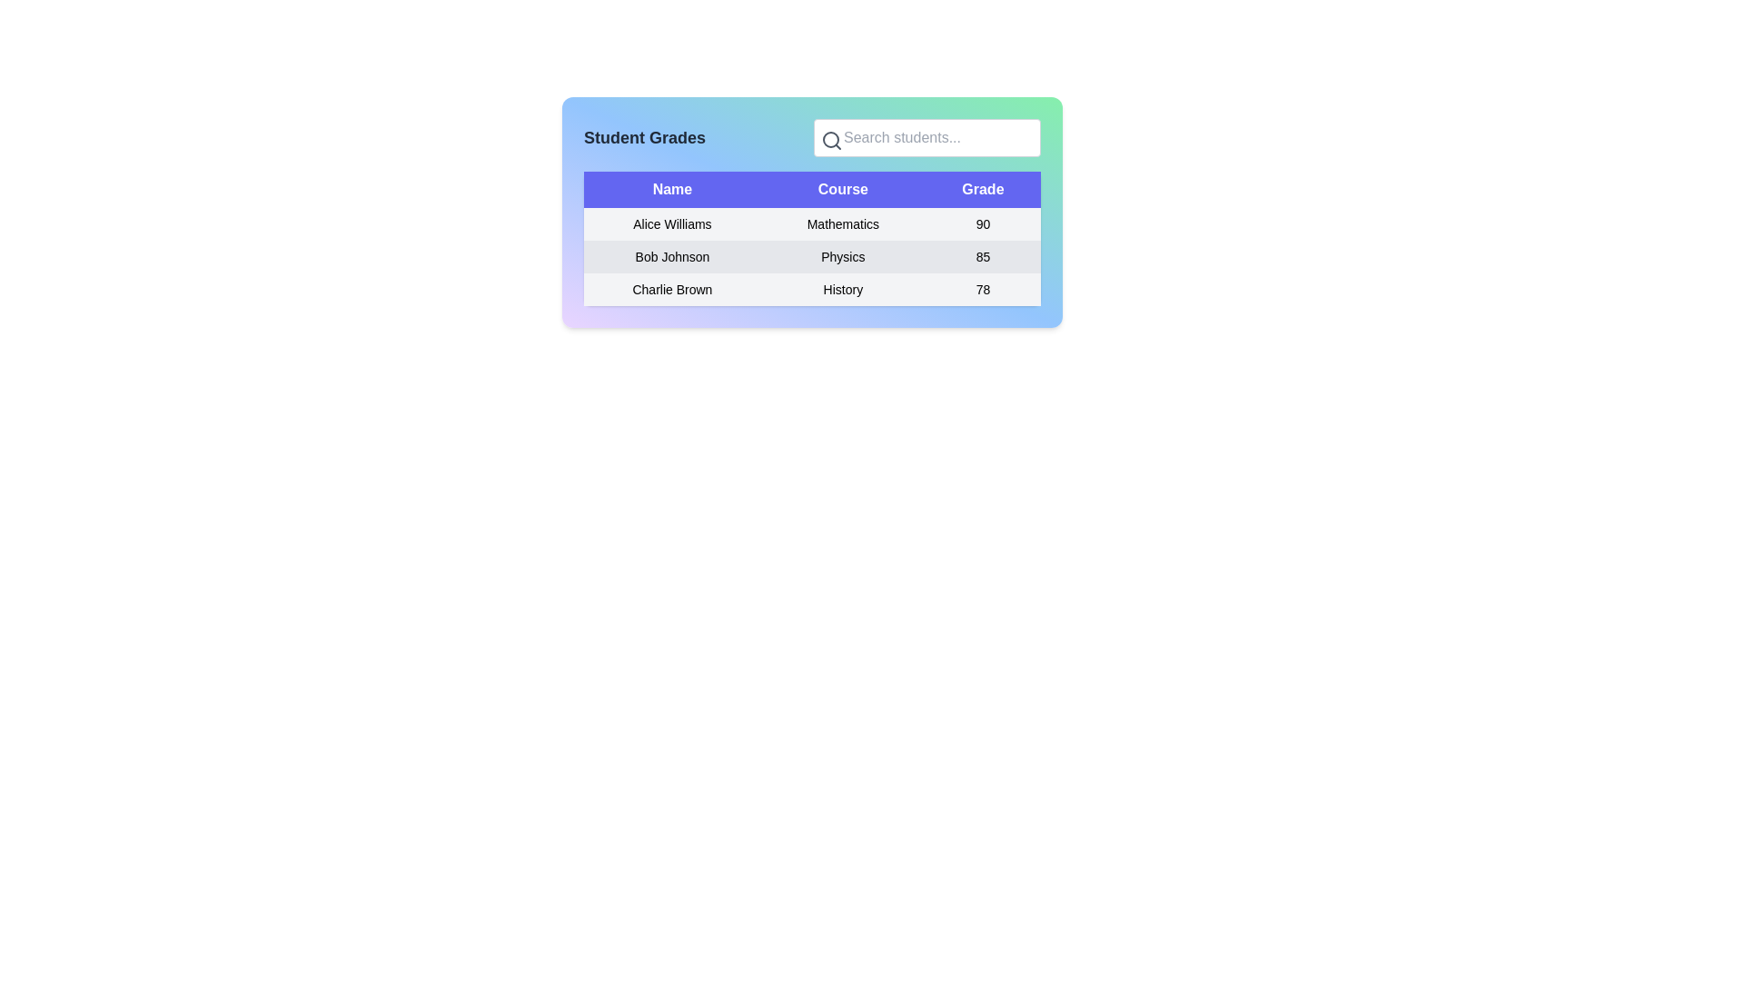 The height and width of the screenshot is (981, 1744). Describe the element at coordinates (811, 289) in the screenshot. I see `the cells of the third row in the student information table, which displays details about the student, their course, and grade` at that location.